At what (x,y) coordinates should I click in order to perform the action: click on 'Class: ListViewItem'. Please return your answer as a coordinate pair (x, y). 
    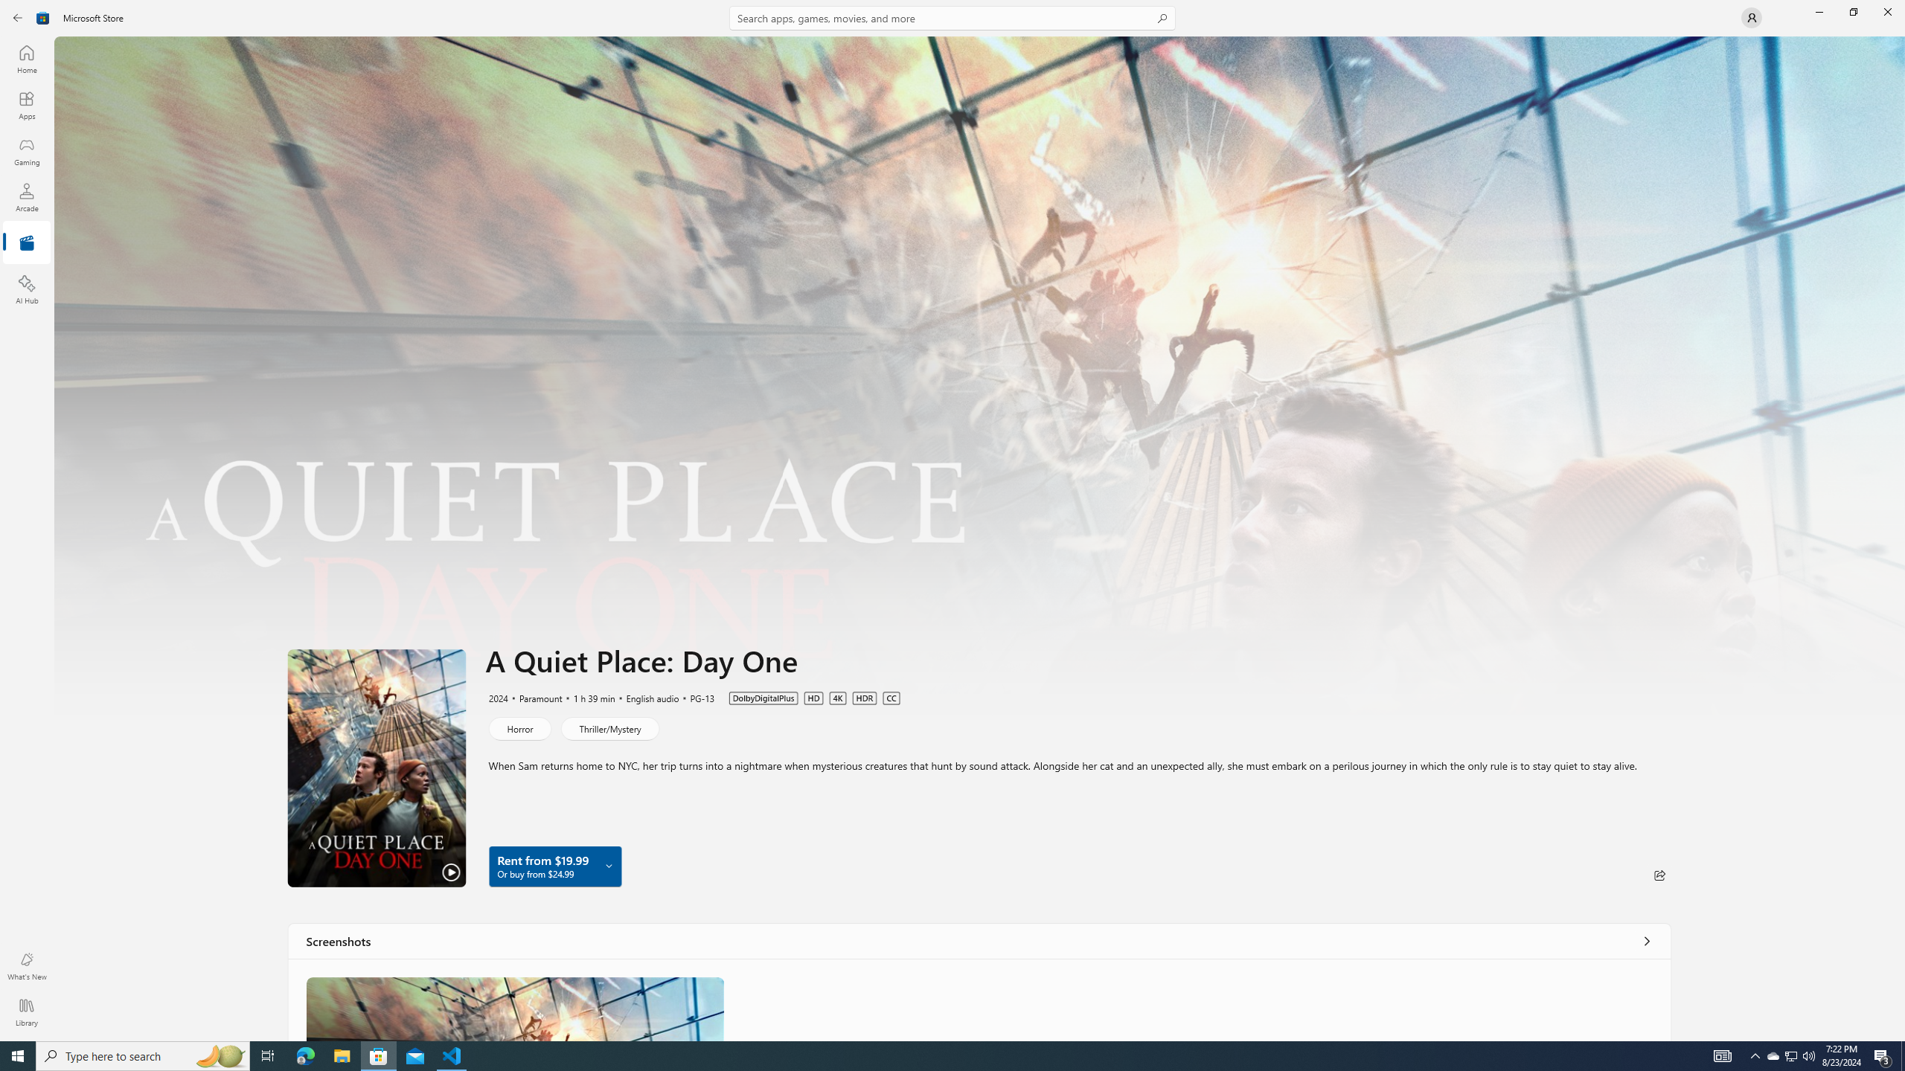
    Looking at the image, I should click on (515, 1008).